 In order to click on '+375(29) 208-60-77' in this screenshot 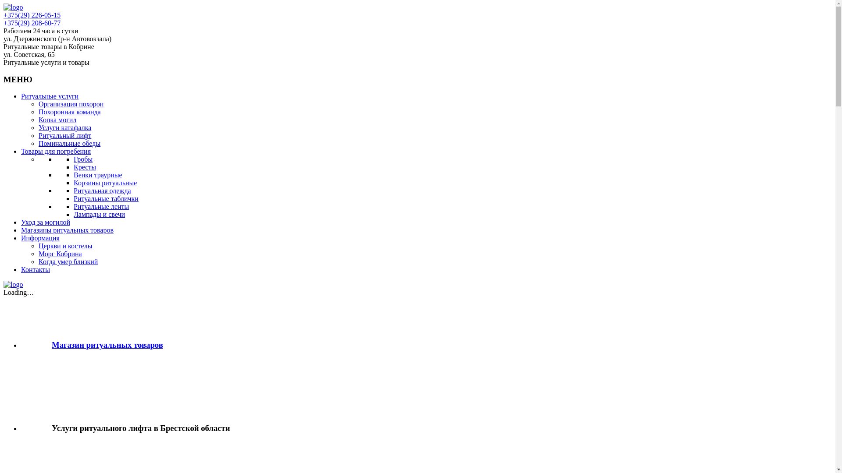, I will do `click(32, 22)`.